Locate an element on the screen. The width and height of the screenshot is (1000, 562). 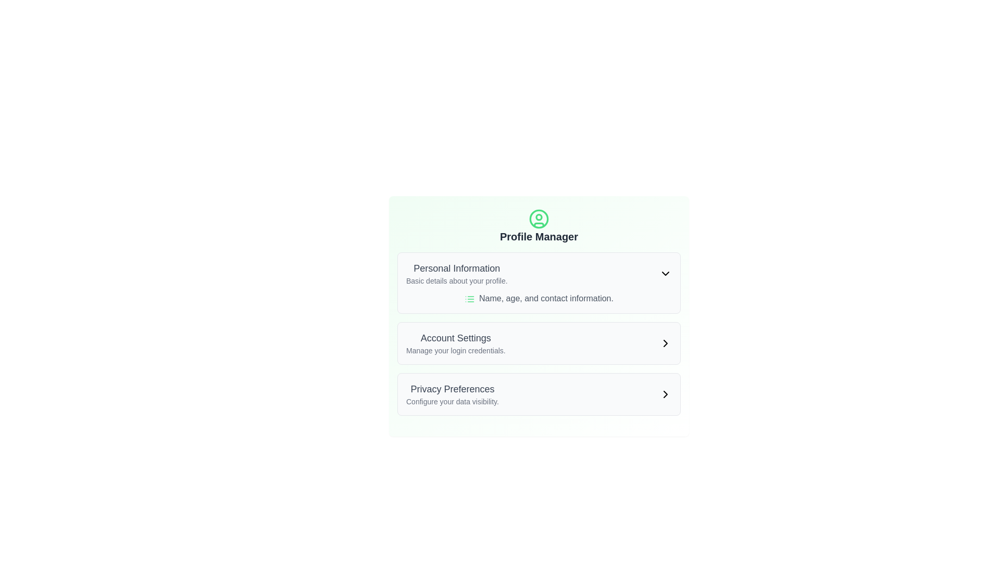
the text label displaying 'Privacy Preferences' which is part of the Profile Manager sections, located at the top of a card-like component is located at coordinates (452, 389).